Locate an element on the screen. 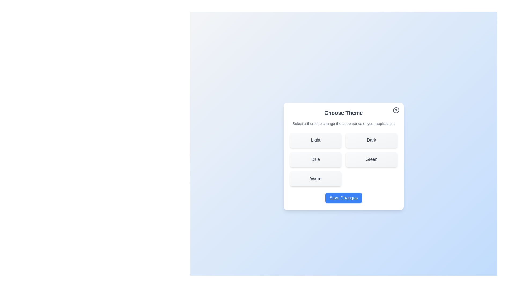 The width and height of the screenshot is (515, 289). the close button to close the dialog is located at coordinates (396, 110).